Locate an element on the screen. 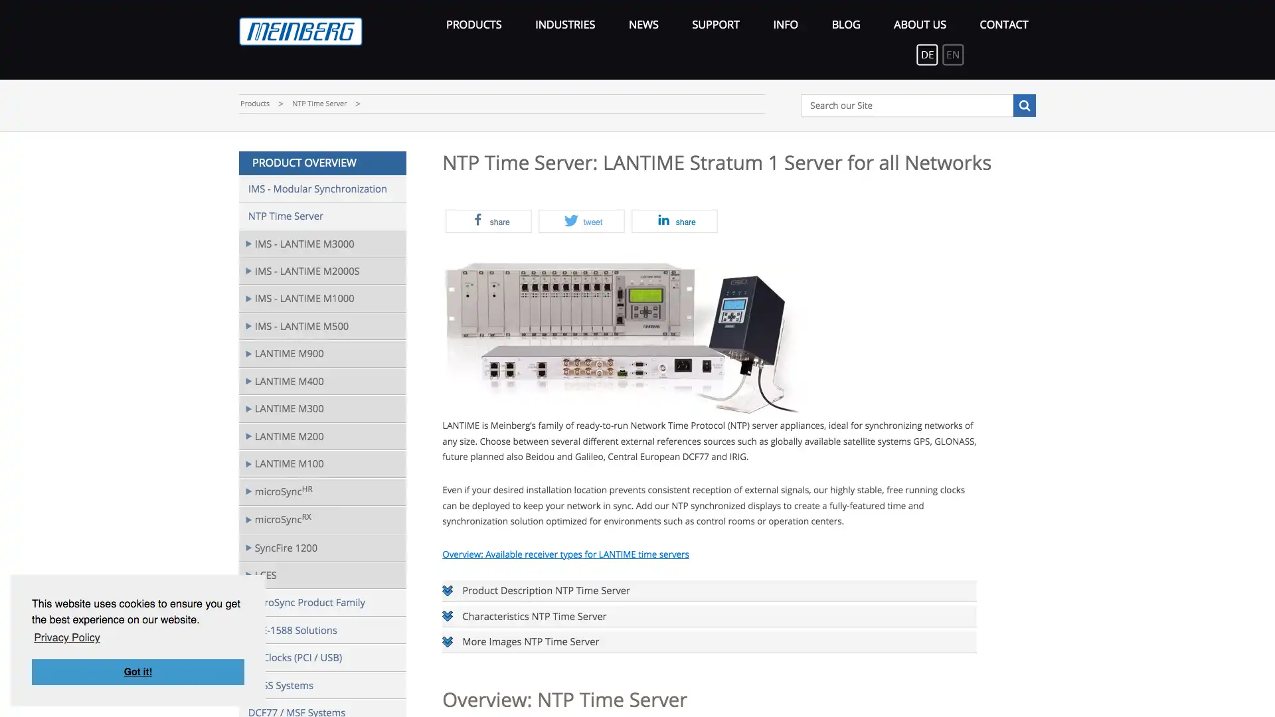 This screenshot has width=1275, height=717. Search is located at coordinates (1023, 104).